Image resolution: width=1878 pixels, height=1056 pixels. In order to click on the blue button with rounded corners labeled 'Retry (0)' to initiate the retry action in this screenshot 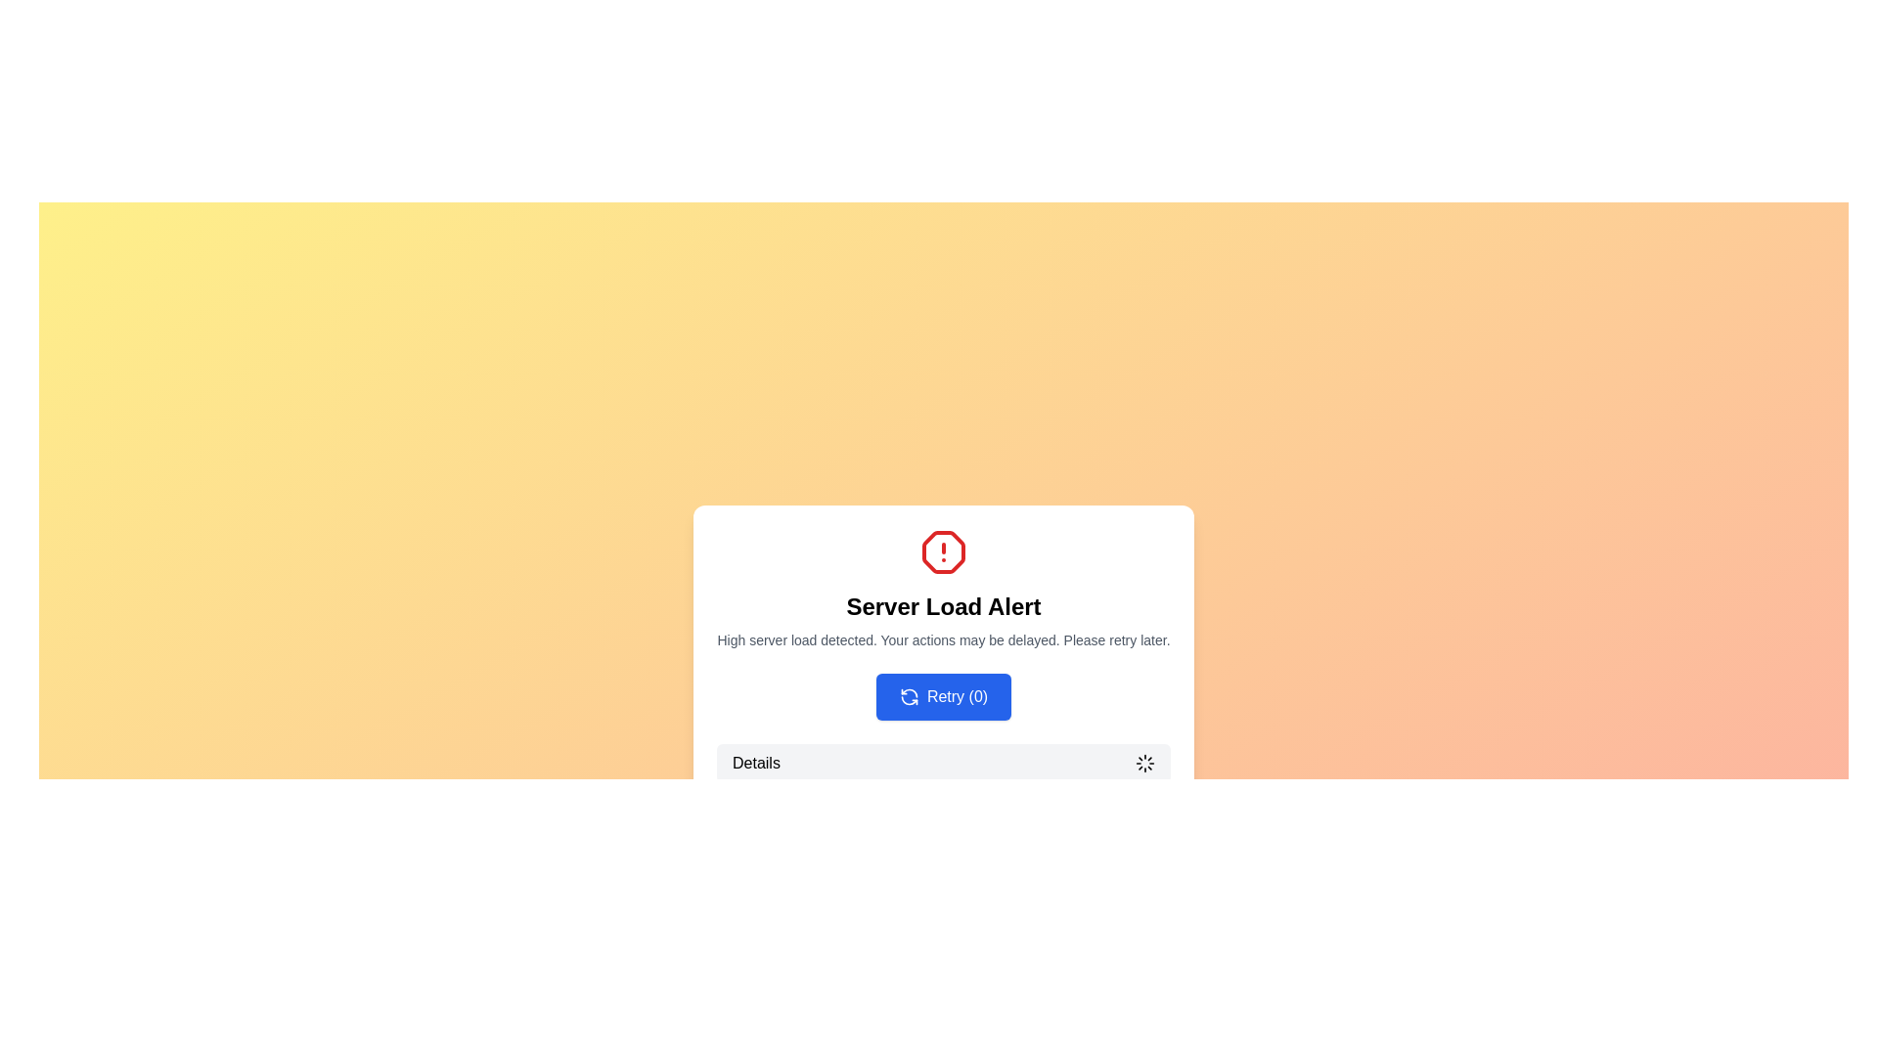, I will do `click(943, 696)`.